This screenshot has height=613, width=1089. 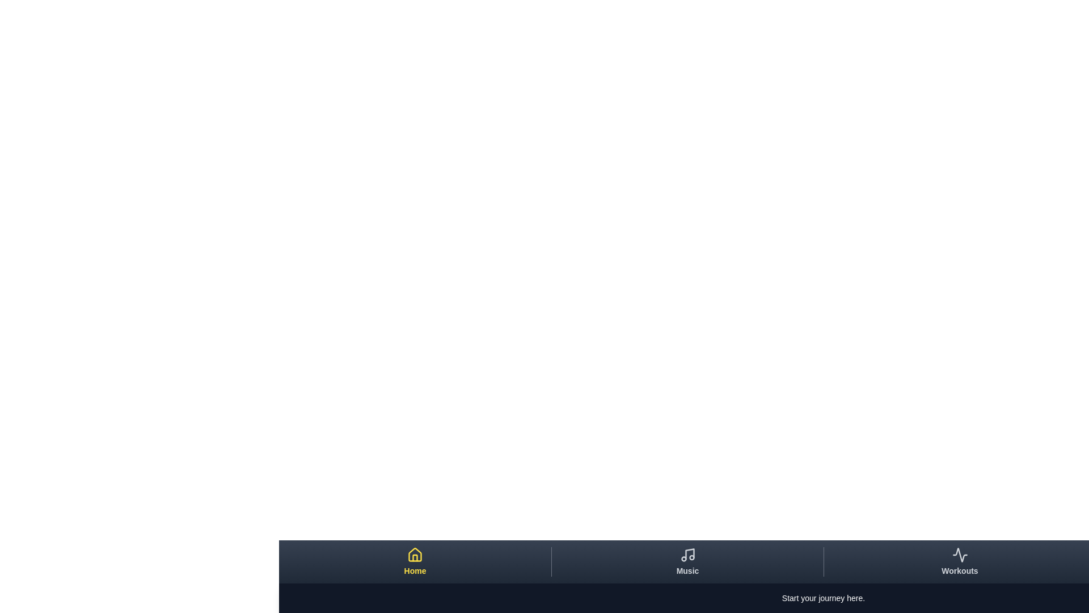 I want to click on the tab Home to preview its hover effects, so click(x=414, y=562).